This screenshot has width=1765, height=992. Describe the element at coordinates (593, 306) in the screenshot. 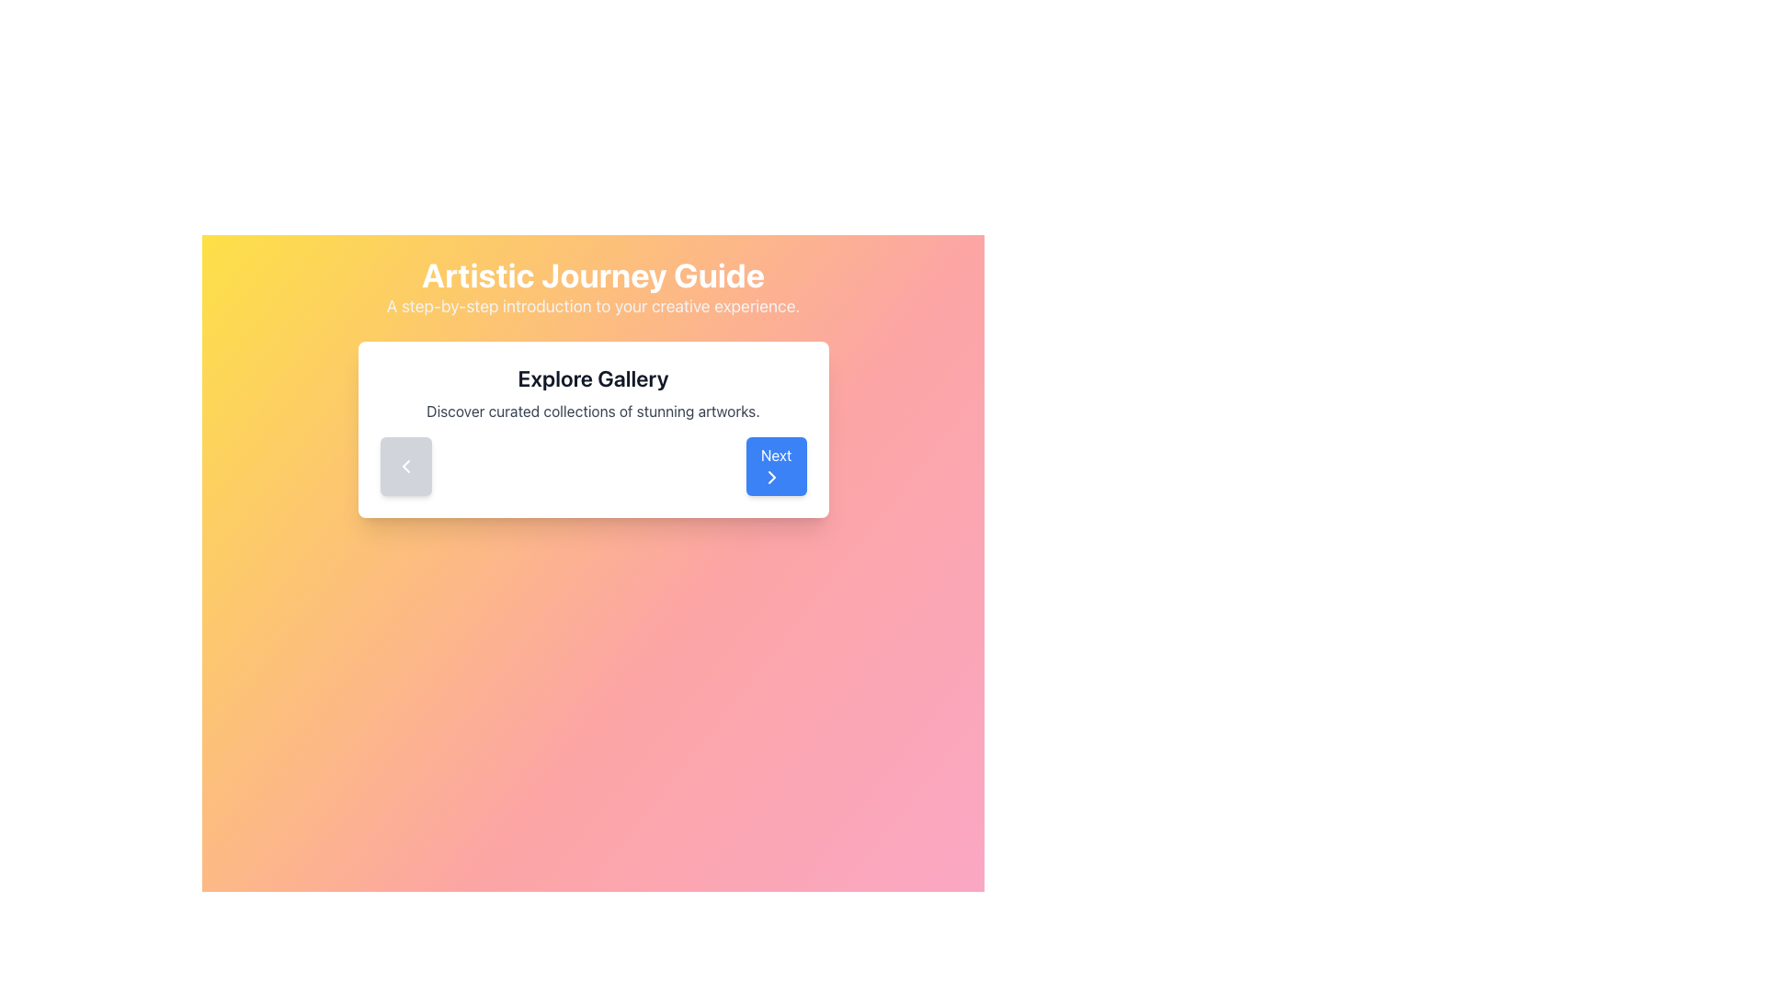

I see `the static text element that provides a subtitle or supportive explanation for 'Artistic Journey Guide', located directly beneath it` at that location.